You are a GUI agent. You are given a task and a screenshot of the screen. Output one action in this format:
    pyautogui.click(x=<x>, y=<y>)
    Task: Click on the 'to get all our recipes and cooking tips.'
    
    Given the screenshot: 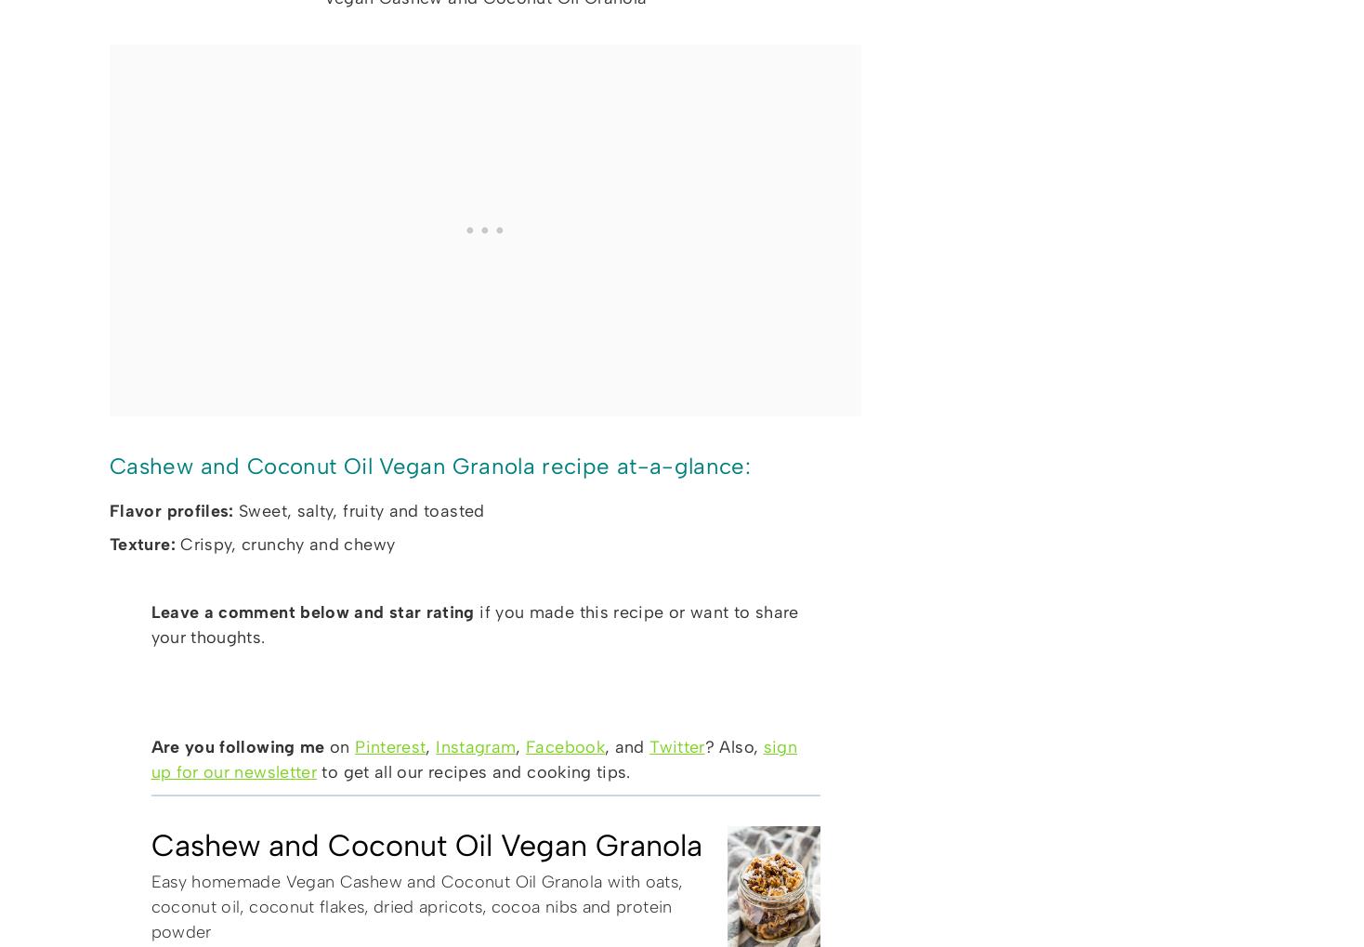 What is the action you would take?
    pyautogui.click(x=472, y=771)
    